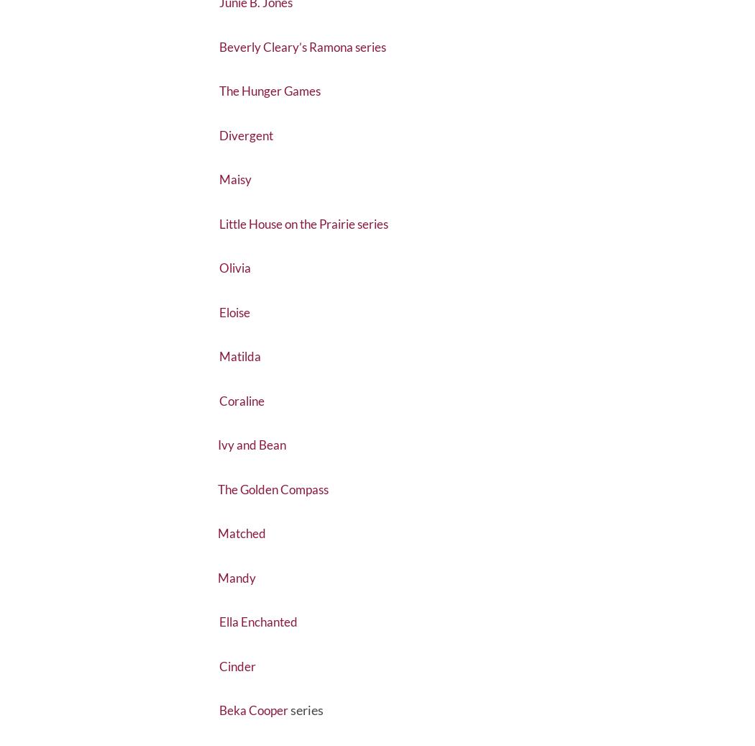 Image resolution: width=755 pixels, height=746 pixels. Describe the element at coordinates (237, 303) in the screenshot. I see `'Olivia'` at that location.